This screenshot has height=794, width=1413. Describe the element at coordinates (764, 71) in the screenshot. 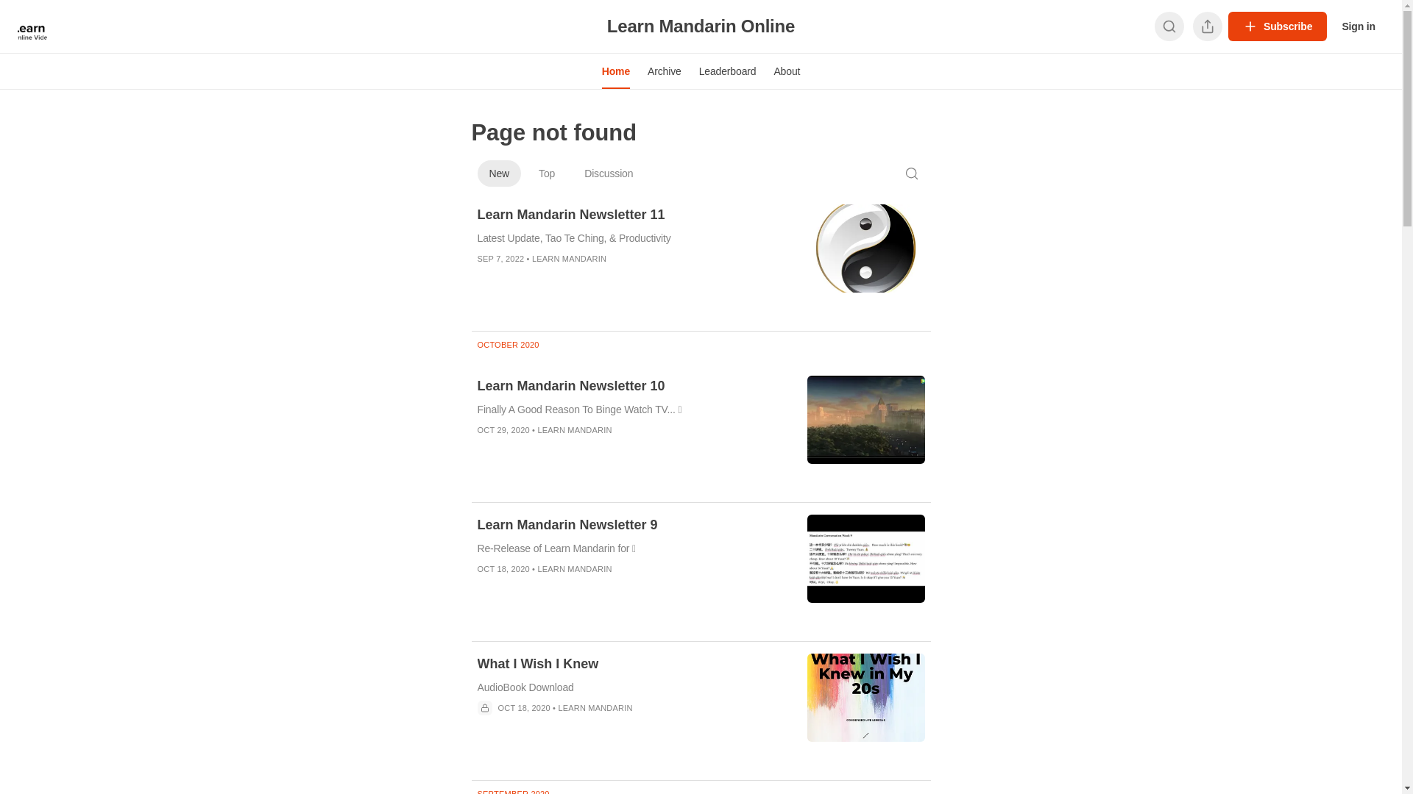

I see `'About'` at that location.